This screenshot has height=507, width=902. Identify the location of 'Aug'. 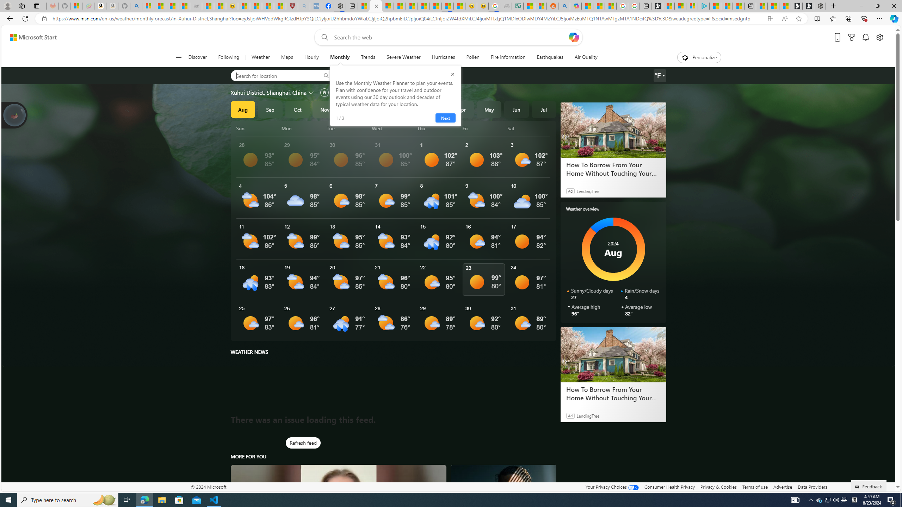
(242, 109).